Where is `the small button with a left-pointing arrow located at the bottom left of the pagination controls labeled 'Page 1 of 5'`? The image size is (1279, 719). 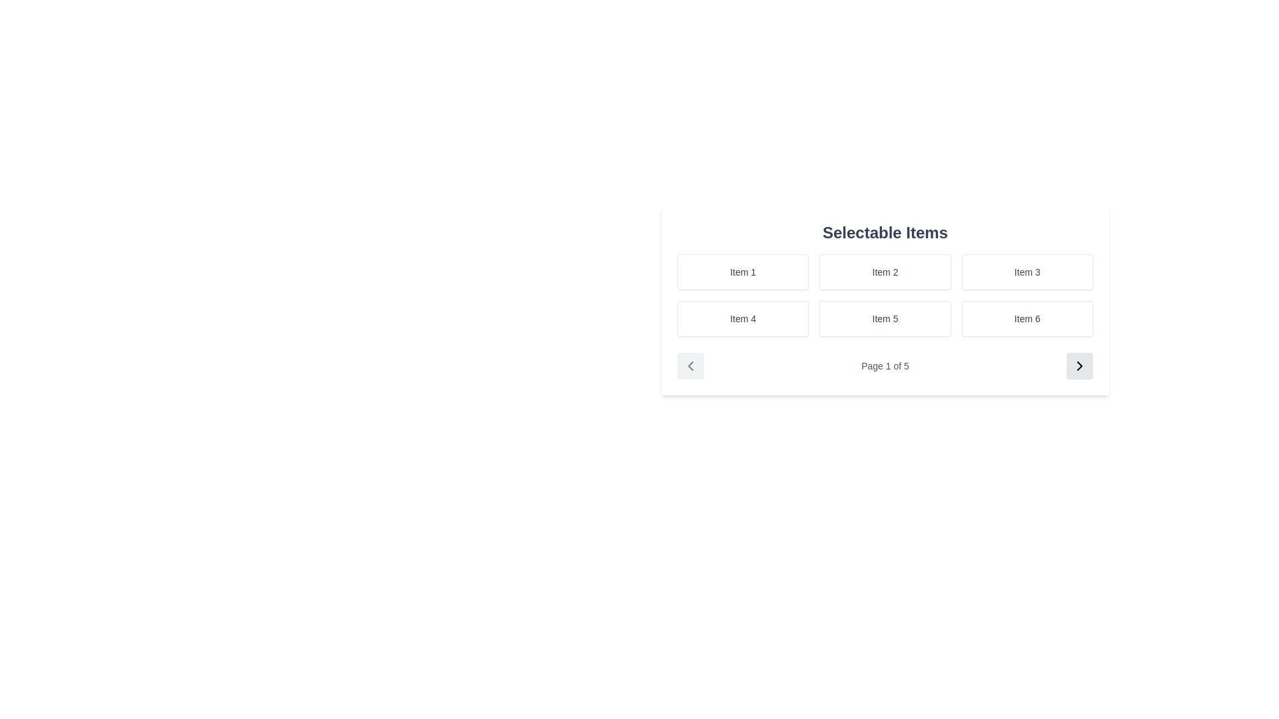
the small button with a left-pointing arrow located at the bottom left of the pagination controls labeled 'Page 1 of 5' is located at coordinates (690, 366).